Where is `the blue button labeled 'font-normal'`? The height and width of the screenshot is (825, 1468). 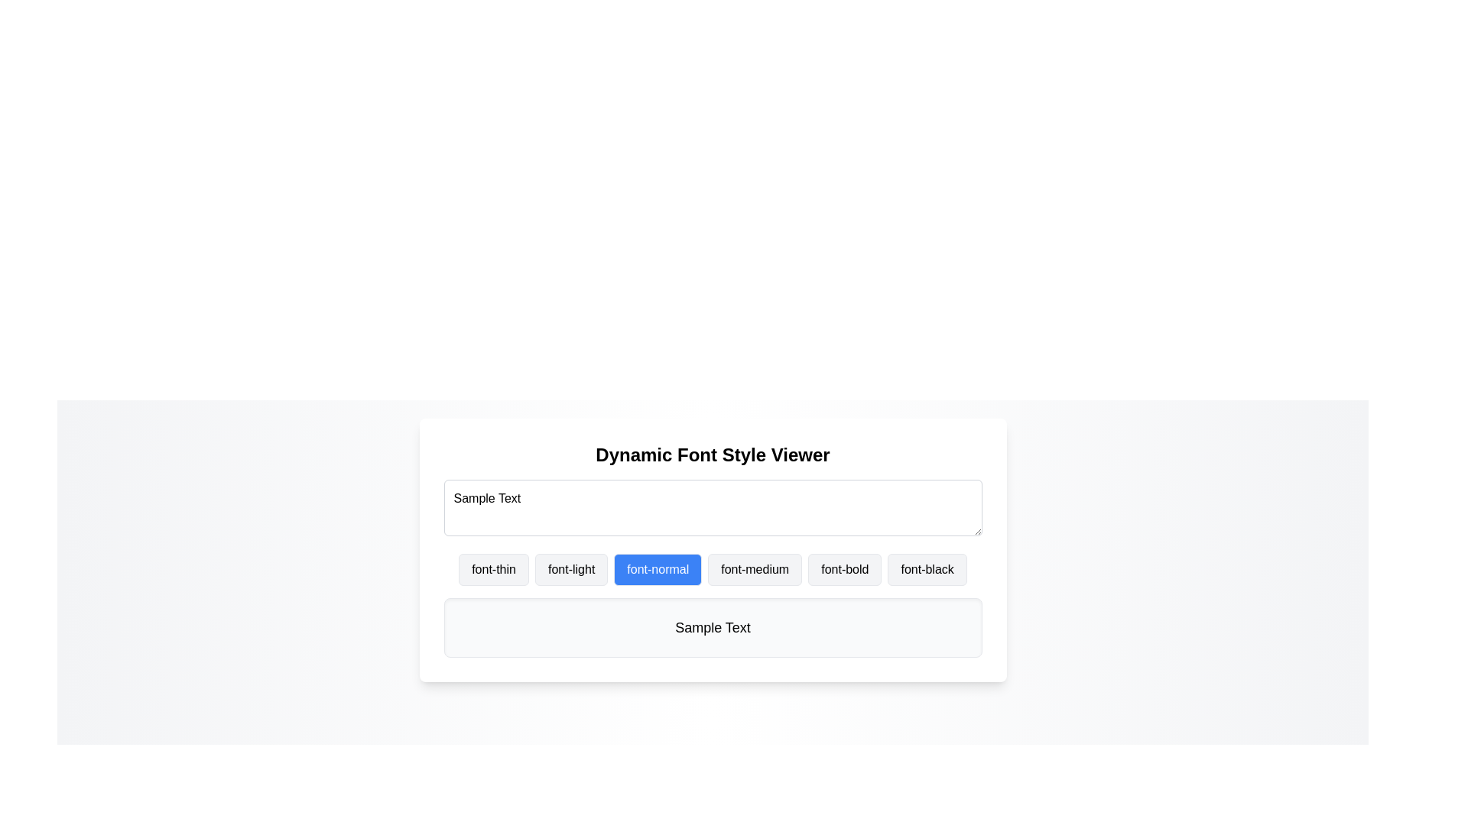
the blue button labeled 'font-normal' is located at coordinates (658, 569).